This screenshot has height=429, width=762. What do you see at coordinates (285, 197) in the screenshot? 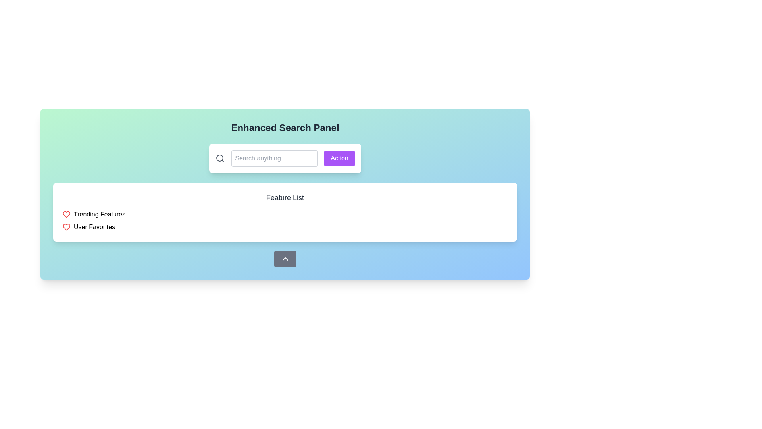
I see `text of the heading or title located at the top center of a white section above the list of 'Trending Features' and 'User Favorites'` at bounding box center [285, 197].